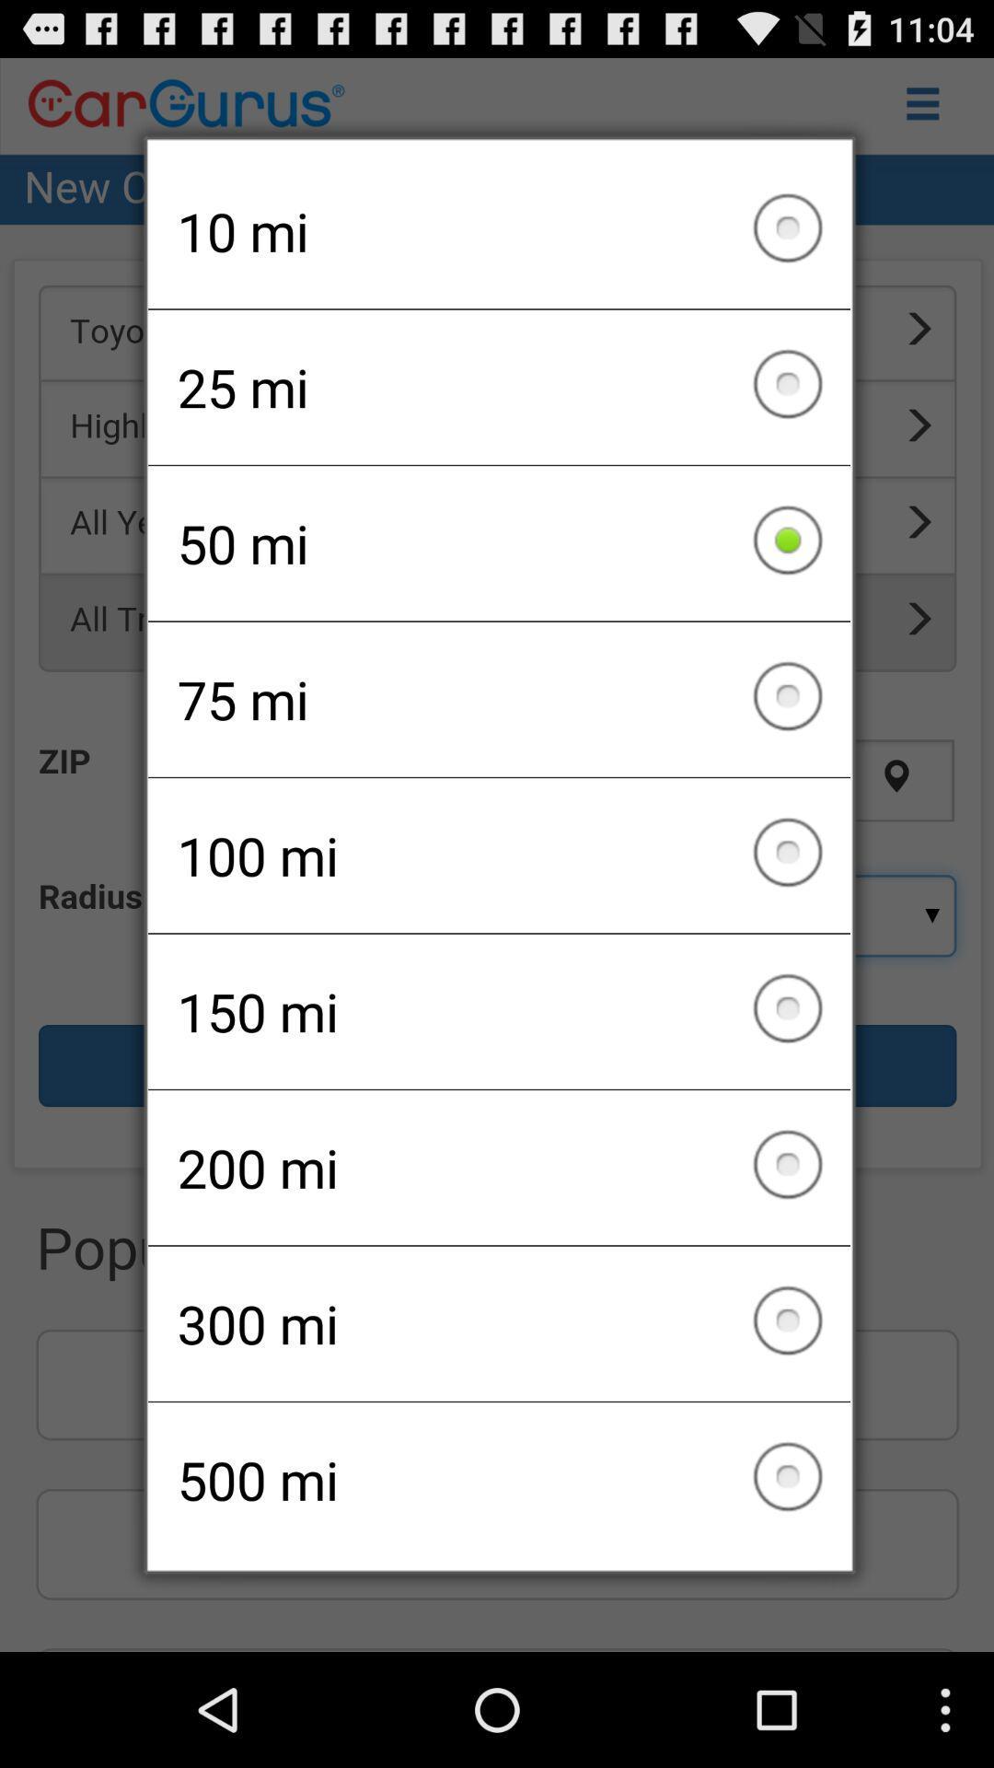 The height and width of the screenshot is (1768, 994). I want to click on the 75 mi icon, so click(499, 698).